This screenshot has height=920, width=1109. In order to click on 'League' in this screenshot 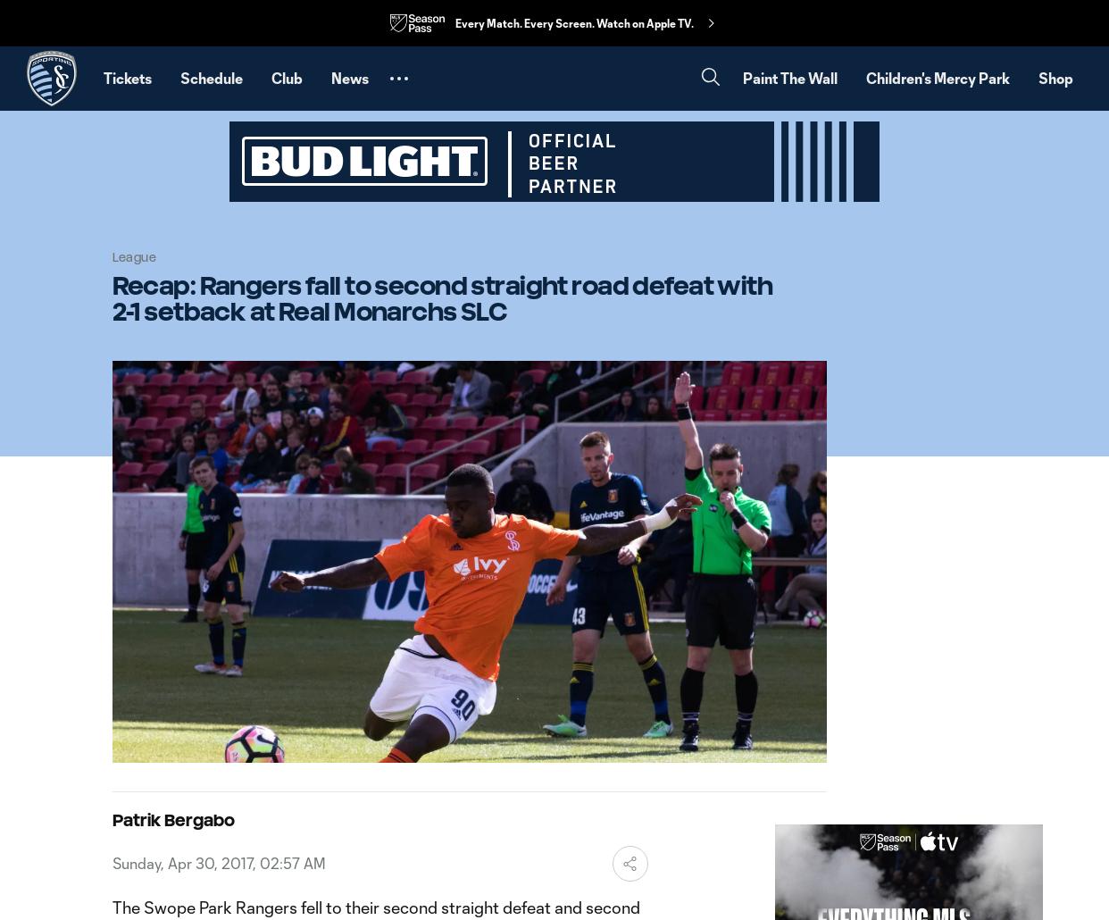, I will do `click(133, 255)`.